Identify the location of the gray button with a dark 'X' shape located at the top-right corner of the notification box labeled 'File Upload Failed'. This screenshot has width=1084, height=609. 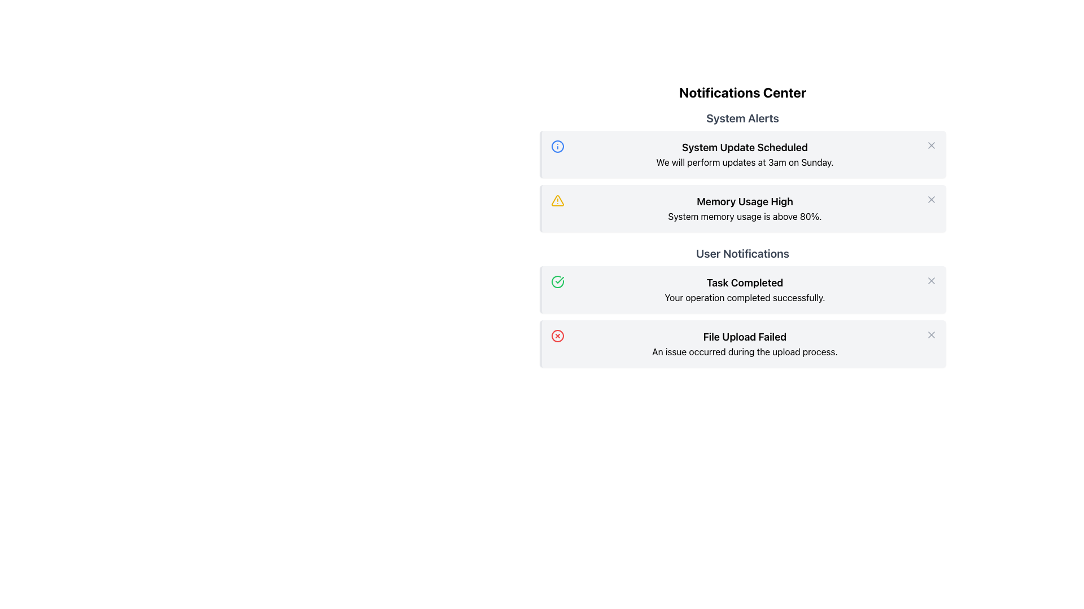
(931, 334).